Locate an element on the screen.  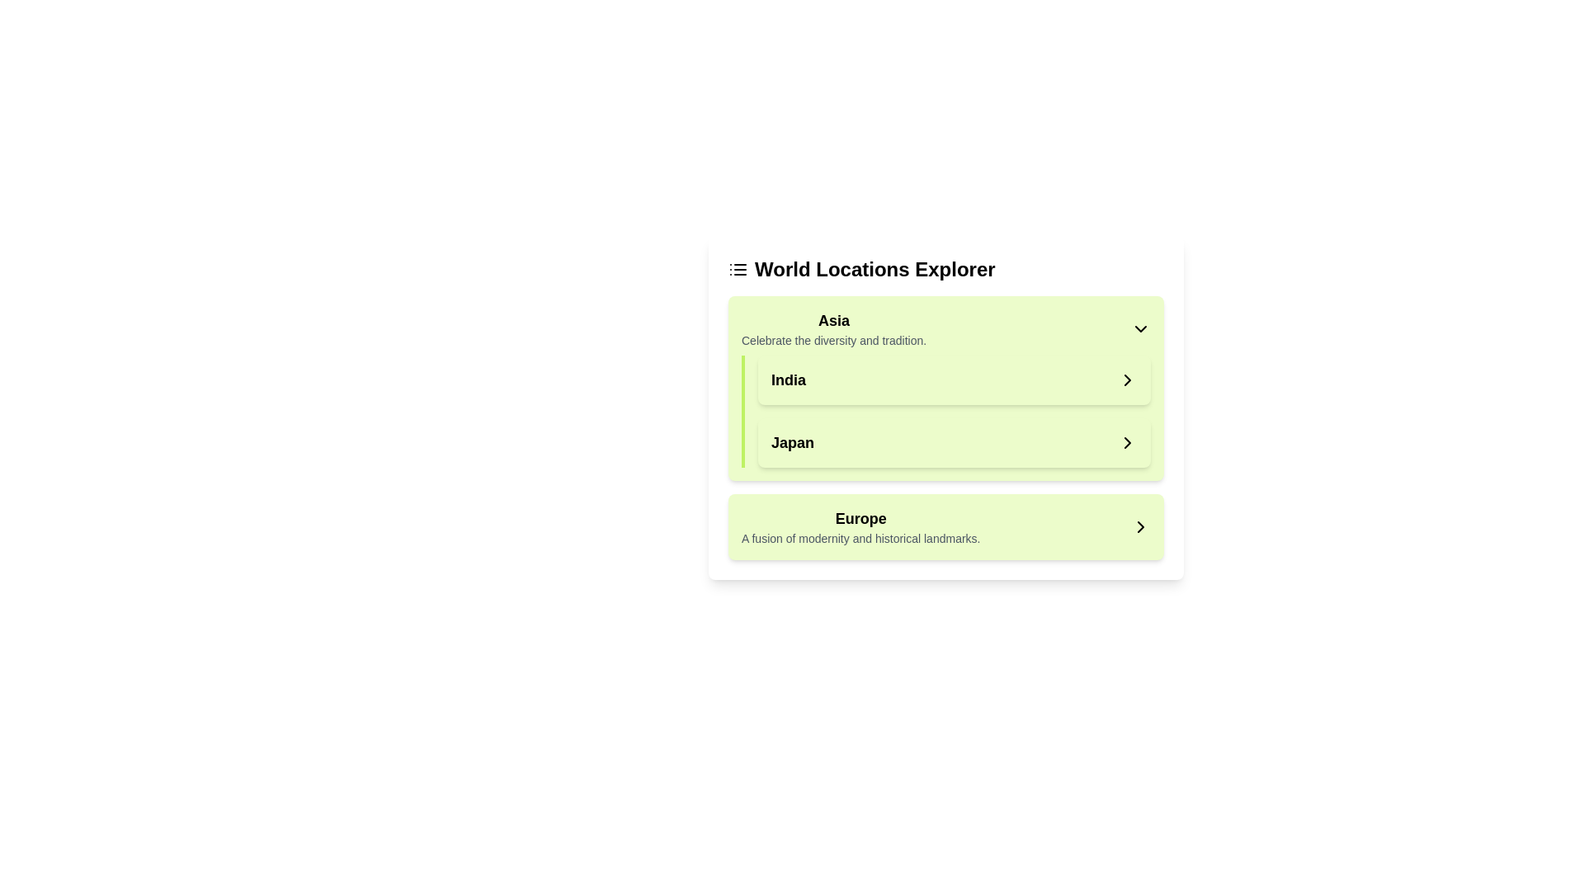
the Informational text header displaying 'Asia' with a light green background and a dropdown arrow on the right is located at coordinates (834, 328).